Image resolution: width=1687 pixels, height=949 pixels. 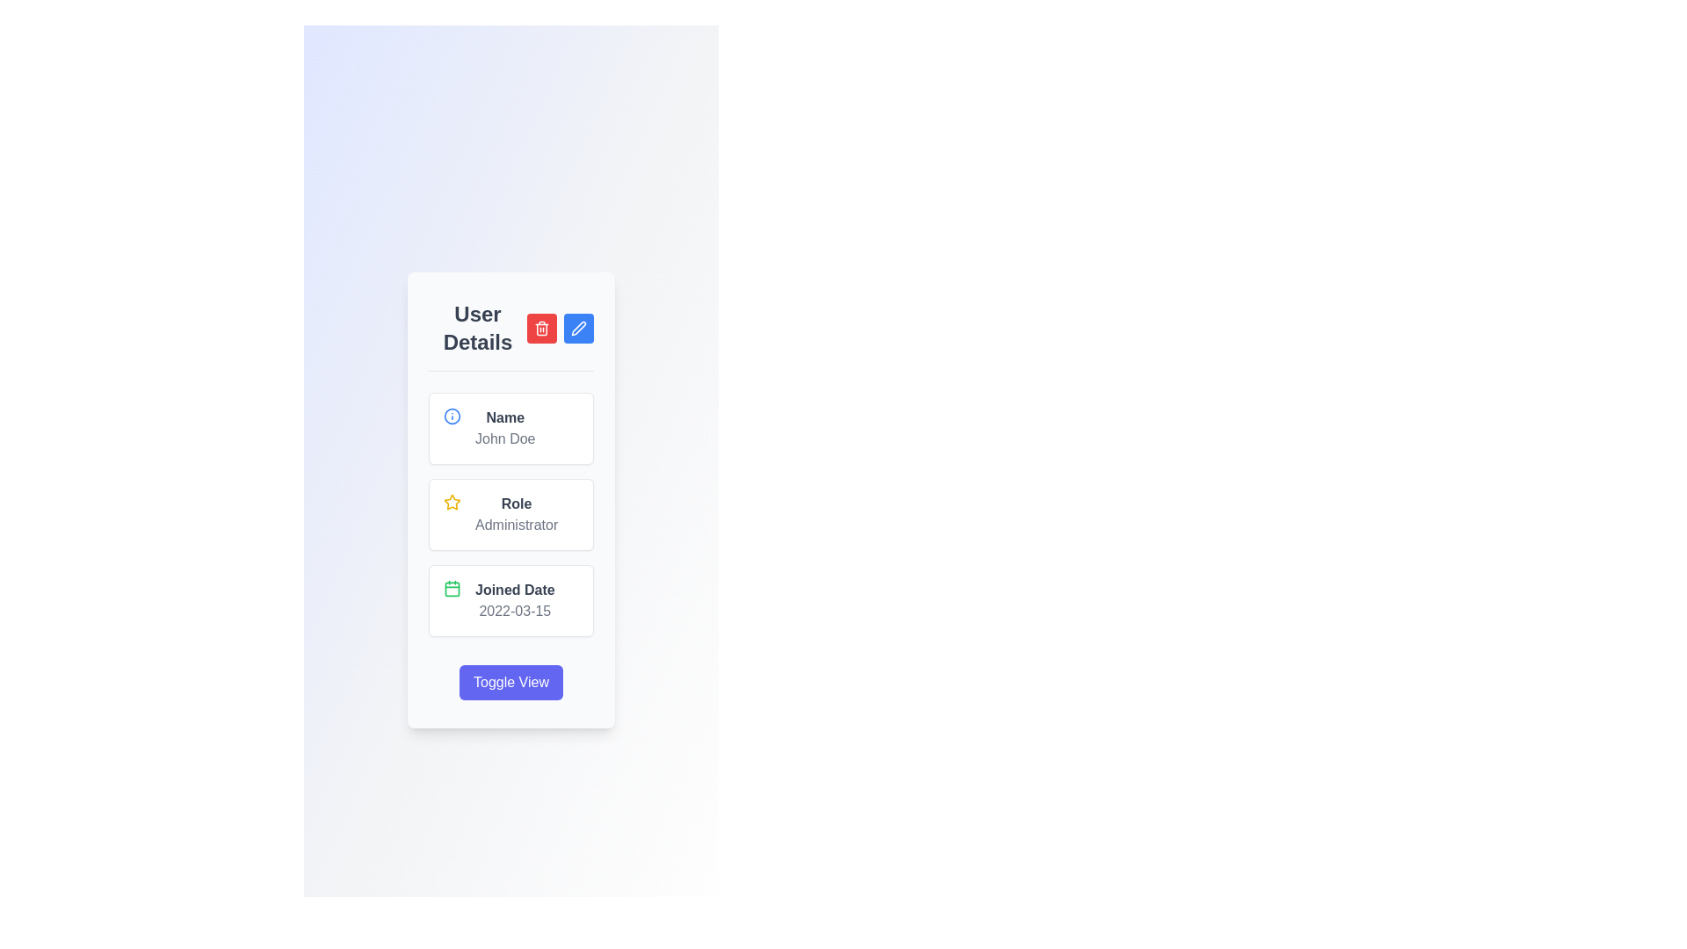 I want to click on the green calendar icon located within the 'Joined Date' section, positioned to the left of the 'Joined Date' label, so click(x=452, y=587).